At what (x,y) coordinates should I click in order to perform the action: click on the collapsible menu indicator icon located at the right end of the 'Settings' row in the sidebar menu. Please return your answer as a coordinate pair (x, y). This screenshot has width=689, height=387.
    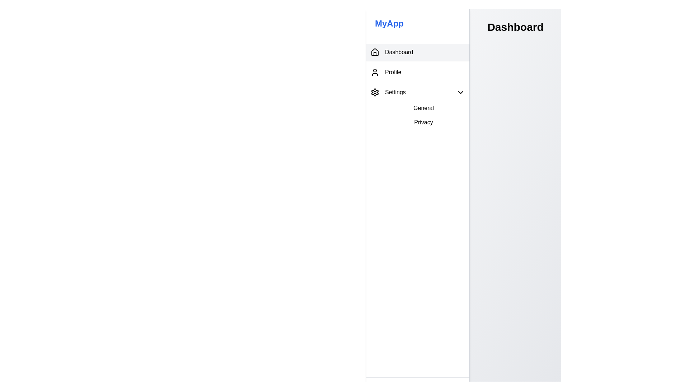
    Looking at the image, I should click on (460, 92).